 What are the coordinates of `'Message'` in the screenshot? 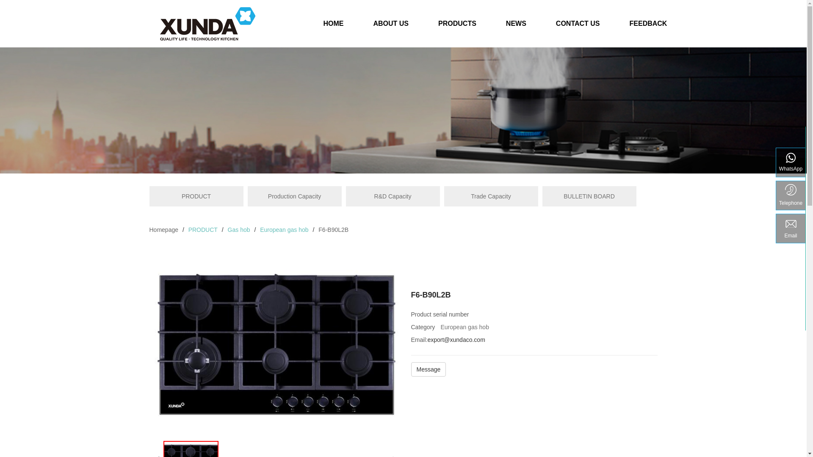 It's located at (428, 369).